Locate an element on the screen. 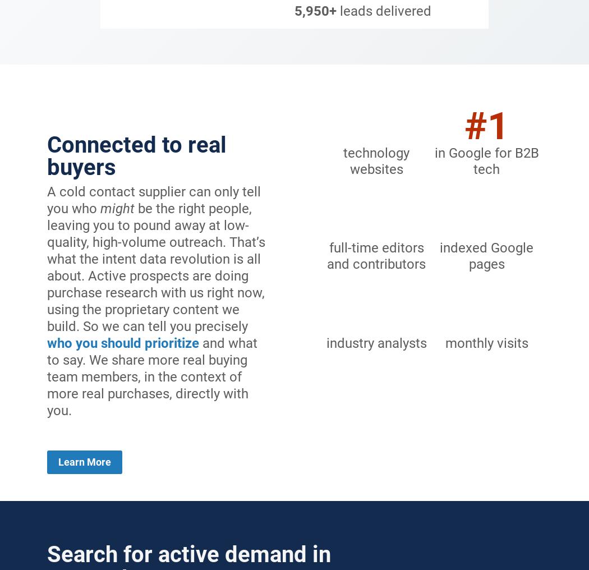 The image size is (589, 570). 'and what to say. We share more real buying team members, in the context of more real purchases, directly with you.' is located at coordinates (151, 375).